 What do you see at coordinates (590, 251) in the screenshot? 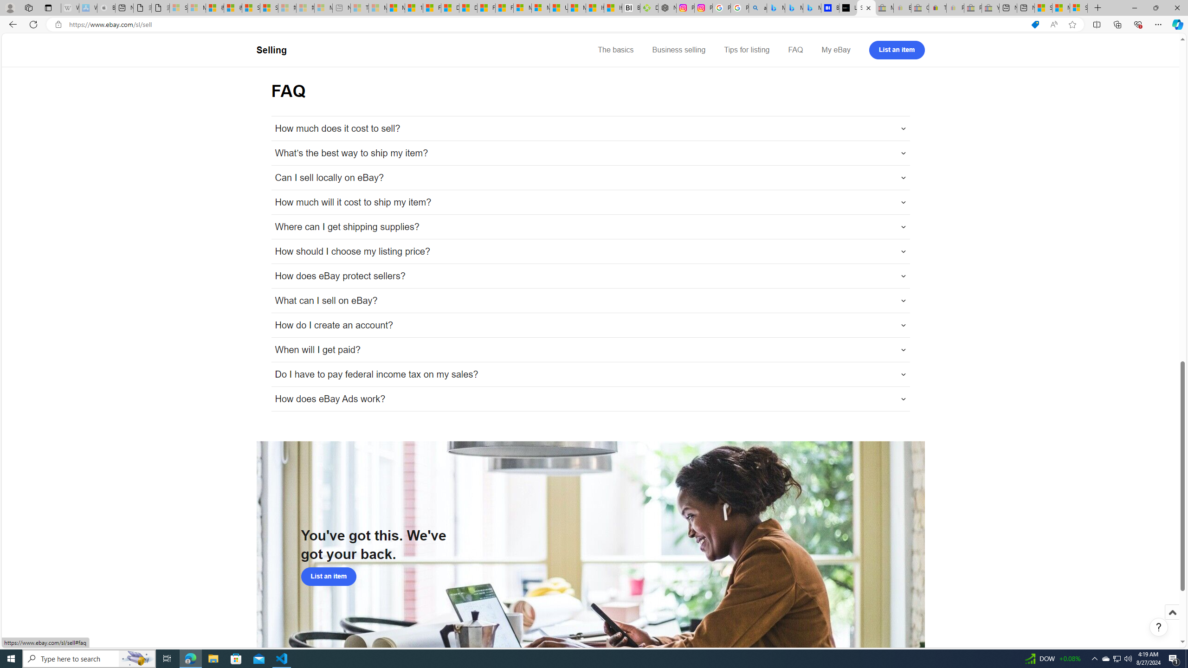
I see `'How should I choose my listing price?'` at bounding box center [590, 251].